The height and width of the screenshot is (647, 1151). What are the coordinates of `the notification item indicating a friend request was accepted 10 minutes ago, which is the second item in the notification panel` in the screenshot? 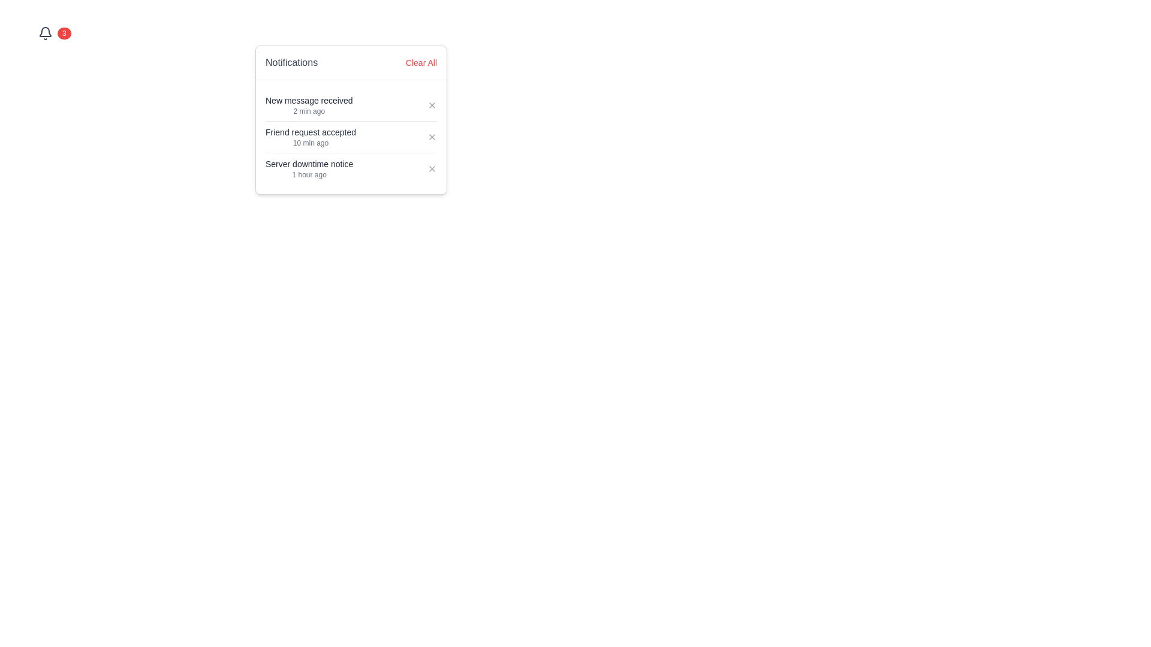 It's located at (311, 136).